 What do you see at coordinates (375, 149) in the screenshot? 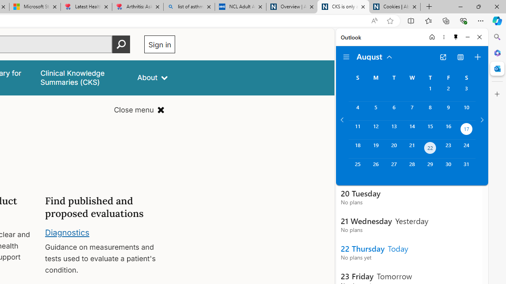
I see `'Monday, August 19, 2024. '` at bounding box center [375, 149].